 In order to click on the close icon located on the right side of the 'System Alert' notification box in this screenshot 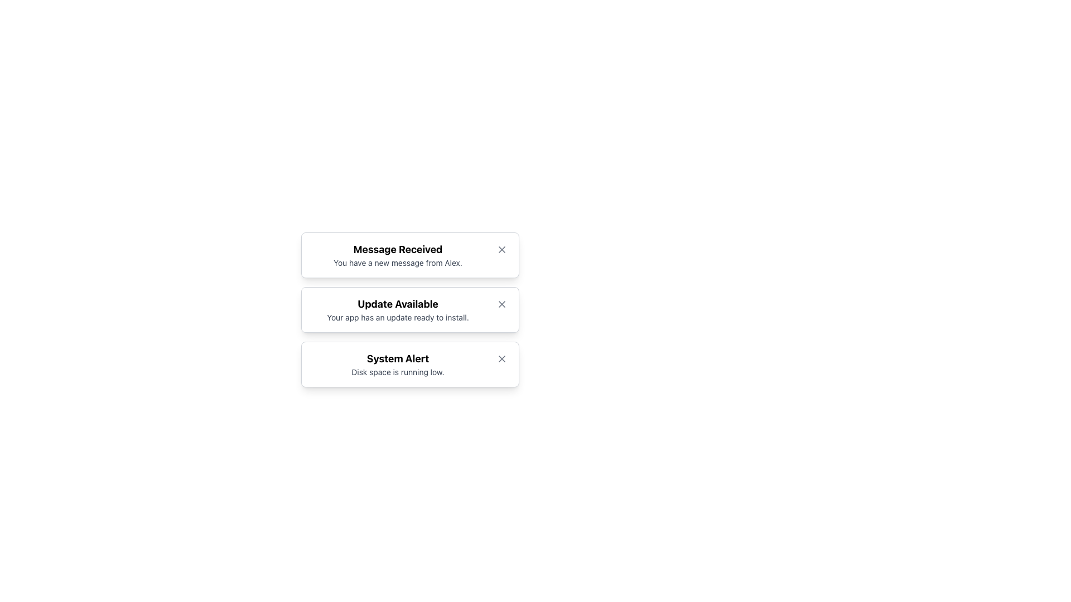, I will do `click(501, 359)`.